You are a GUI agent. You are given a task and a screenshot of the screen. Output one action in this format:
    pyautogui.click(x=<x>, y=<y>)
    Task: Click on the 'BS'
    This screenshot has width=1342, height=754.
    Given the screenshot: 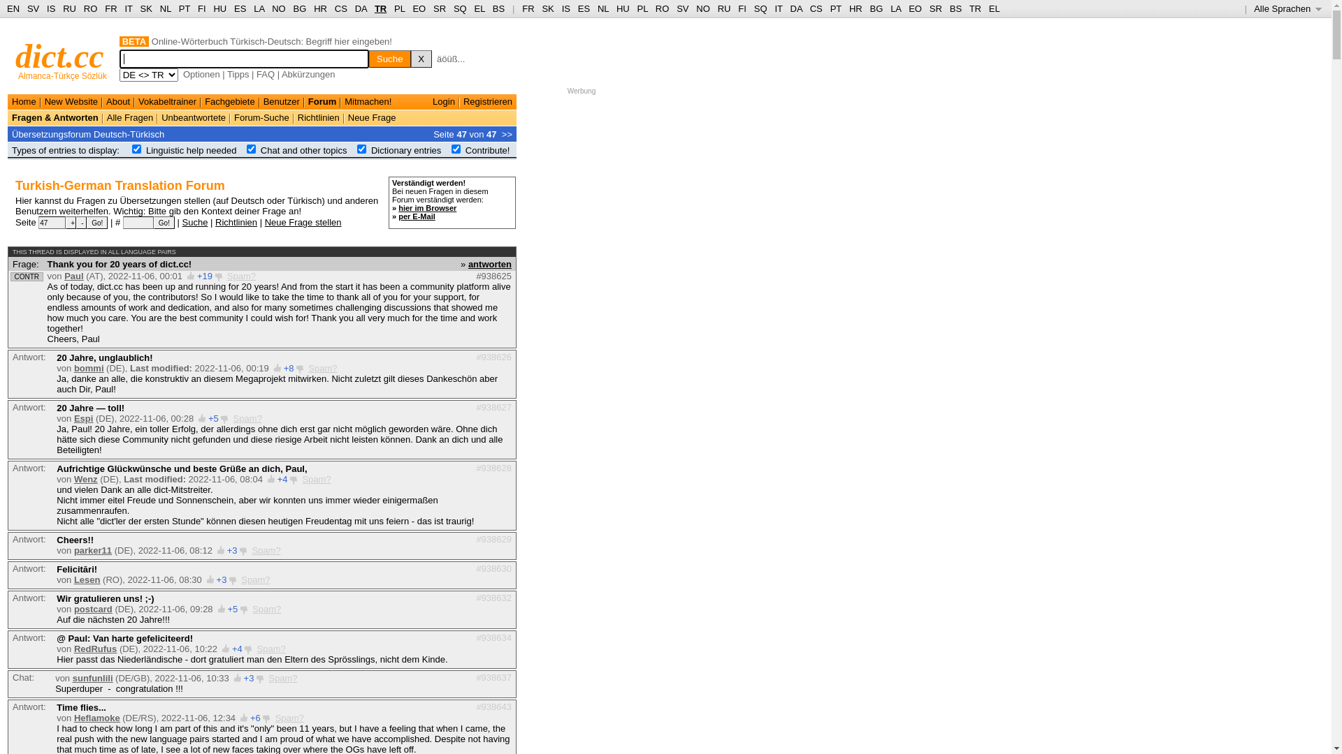 What is the action you would take?
    pyautogui.click(x=955, y=8)
    